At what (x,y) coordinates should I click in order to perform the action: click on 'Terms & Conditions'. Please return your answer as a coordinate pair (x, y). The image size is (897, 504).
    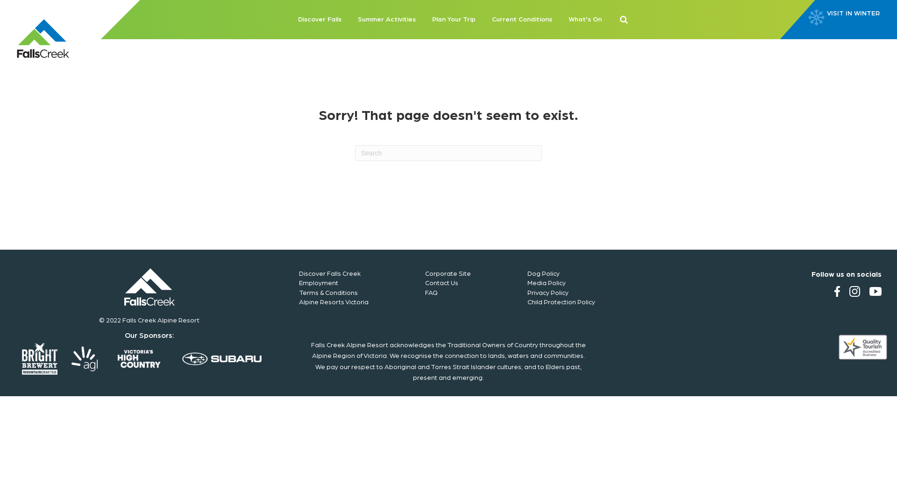
    Looking at the image, I should click on (328, 291).